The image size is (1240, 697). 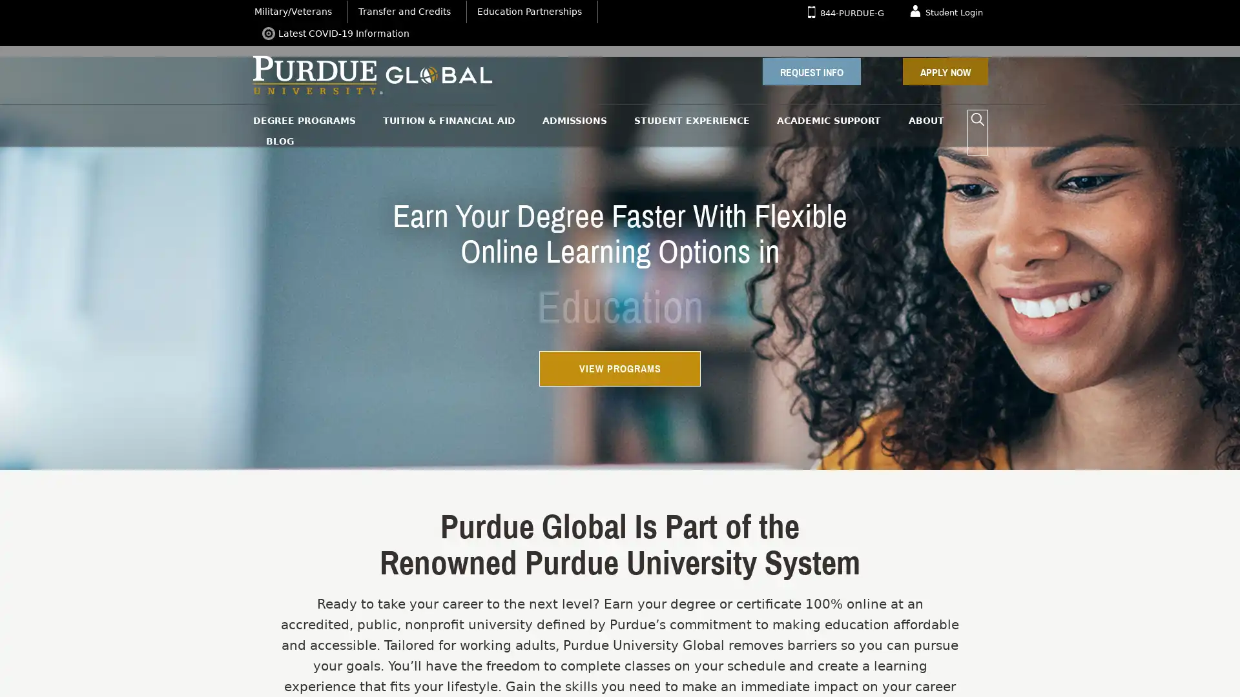 I want to click on Search, so click(x=977, y=119).